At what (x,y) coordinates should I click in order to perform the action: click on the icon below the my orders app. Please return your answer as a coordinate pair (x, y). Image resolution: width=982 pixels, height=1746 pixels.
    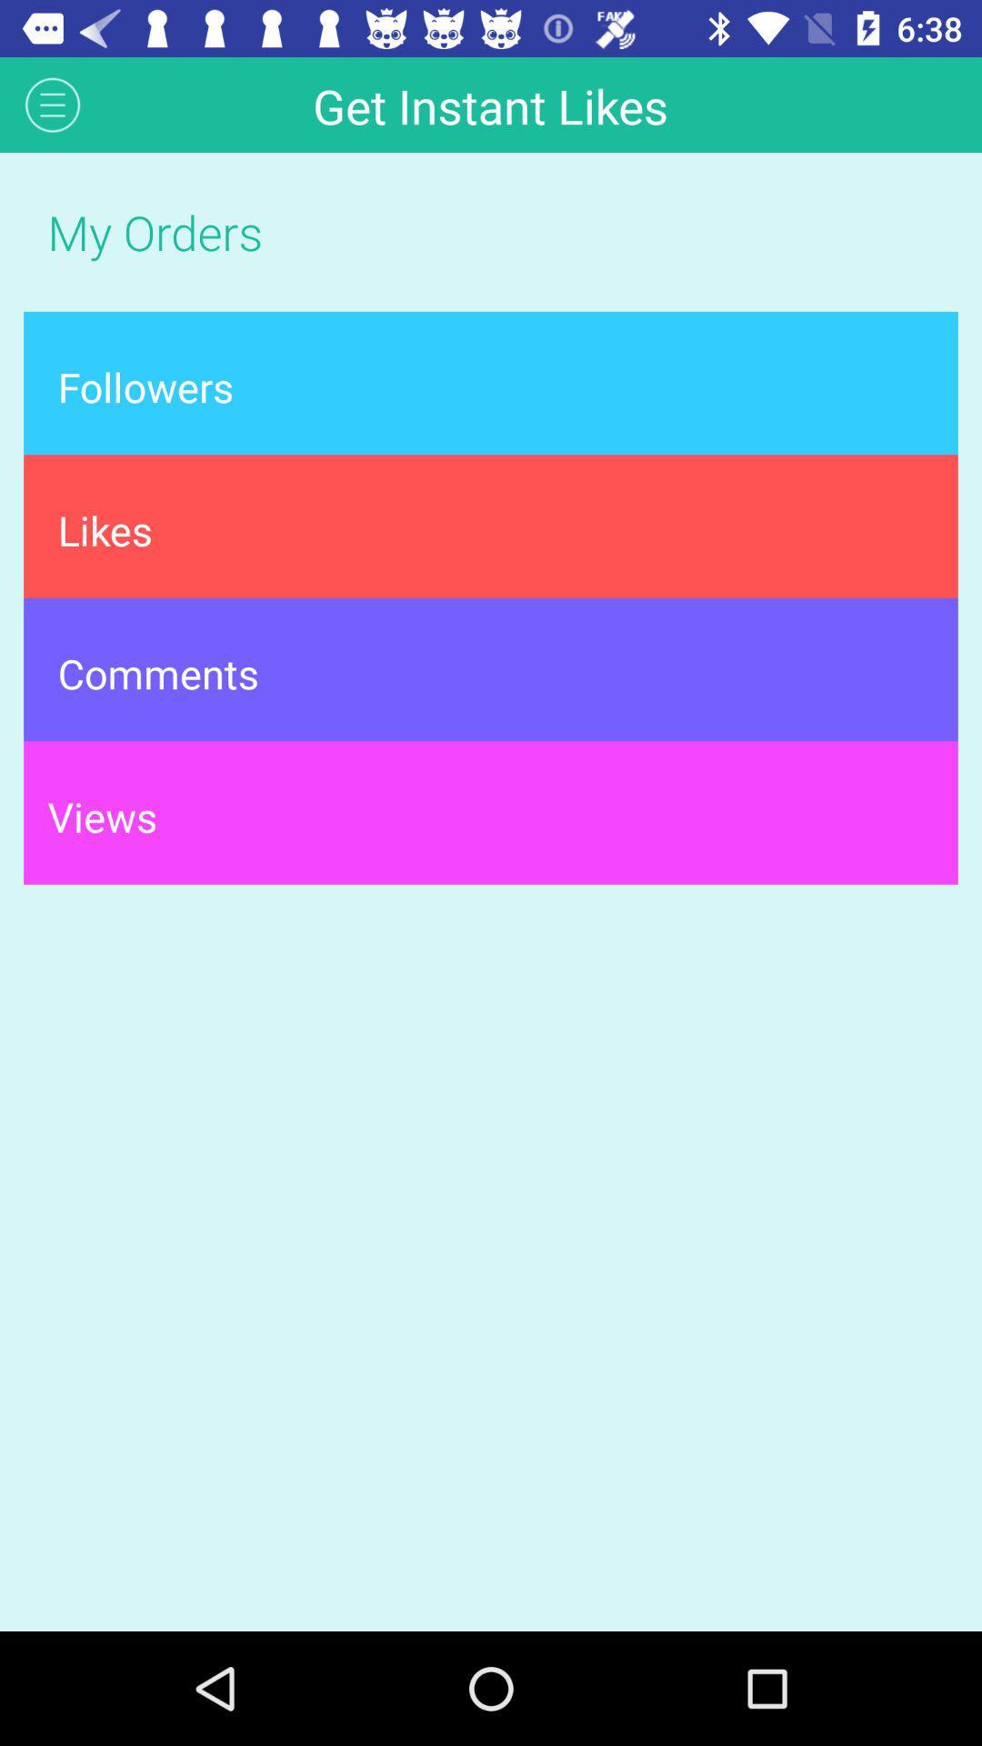
    Looking at the image, I should click on (491, 382).